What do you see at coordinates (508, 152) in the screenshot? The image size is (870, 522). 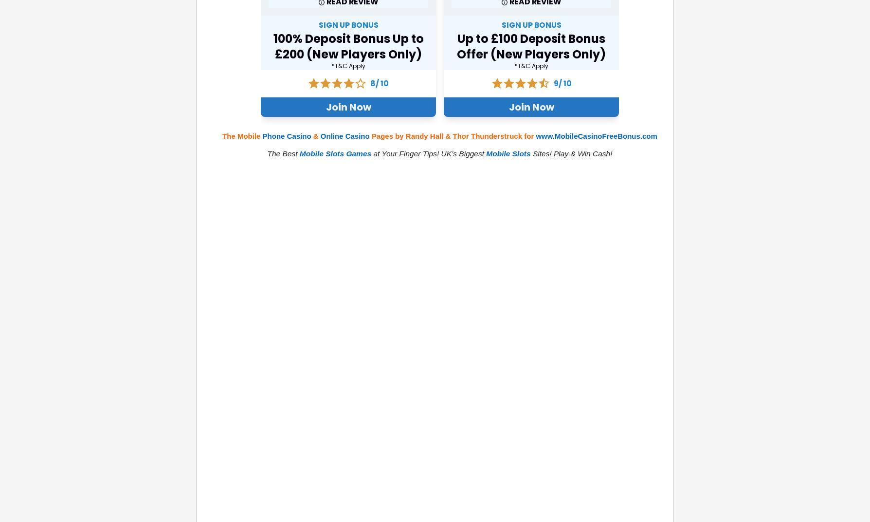 I see `'Mobile Slots'` at bounding box center [508, 152].